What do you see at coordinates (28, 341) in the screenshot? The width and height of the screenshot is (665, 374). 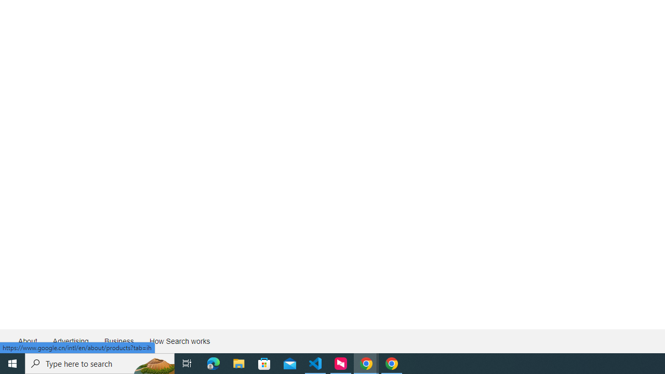 I see `'About'` at bounding box center [28, 341].